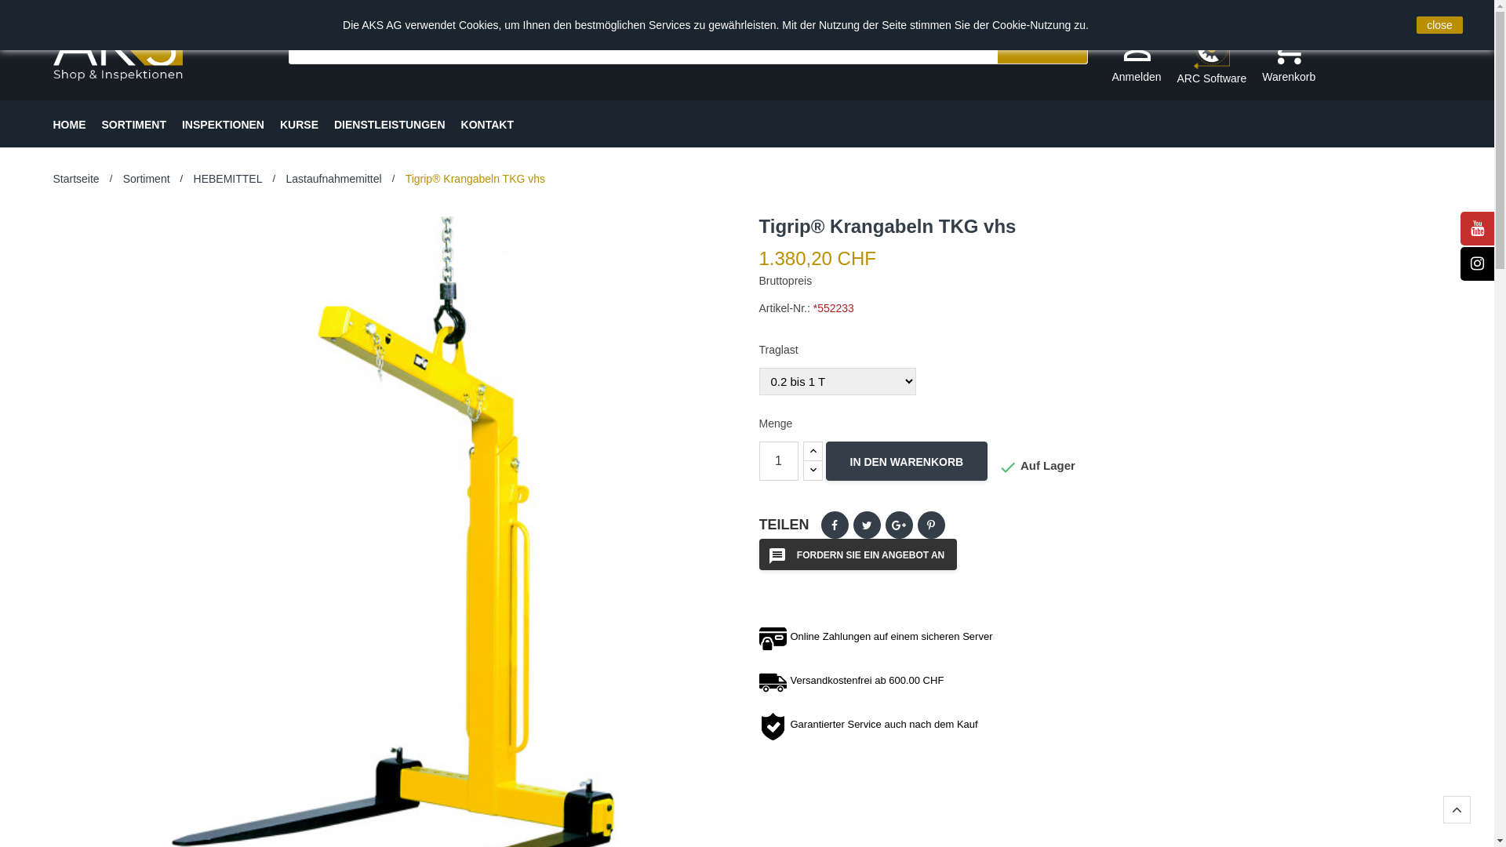 This screenshot has height=847, width=1506. Describe the element at coordinates (299, 123) in the screenshot. I see `'KURSE'` at that location.